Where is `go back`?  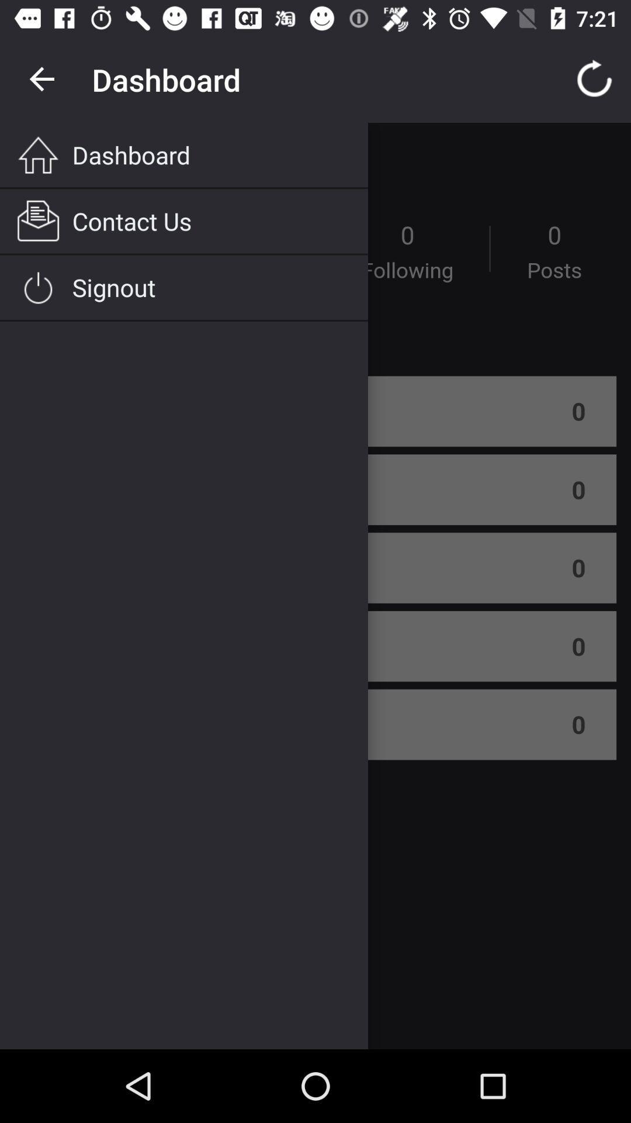
go back is located at coordinates (42, 79).